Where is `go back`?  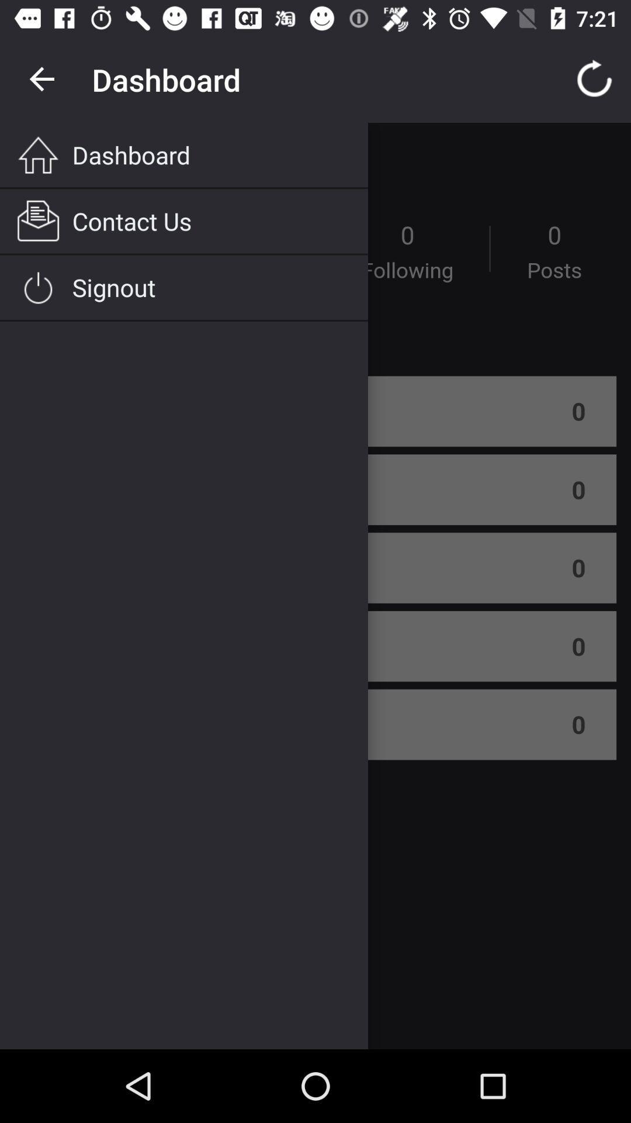
go back is located at coordinates (42, 79).